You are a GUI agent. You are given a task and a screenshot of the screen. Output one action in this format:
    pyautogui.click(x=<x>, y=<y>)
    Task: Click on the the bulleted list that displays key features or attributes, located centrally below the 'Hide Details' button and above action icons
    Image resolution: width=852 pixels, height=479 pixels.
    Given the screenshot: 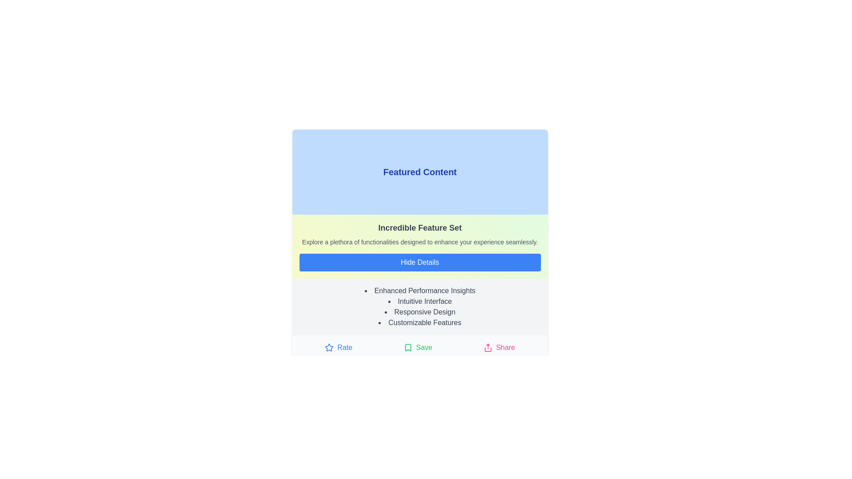 What is the action you would take?
    pyautogui.click(x=419, y=306)
    